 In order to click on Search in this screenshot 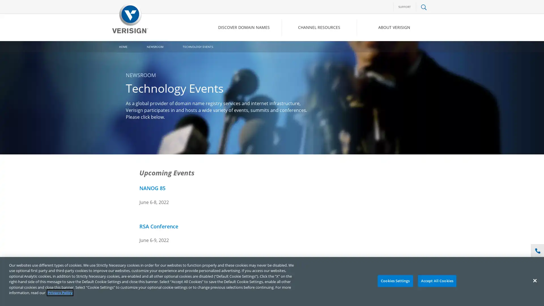, I will do `click(378, 51)`.